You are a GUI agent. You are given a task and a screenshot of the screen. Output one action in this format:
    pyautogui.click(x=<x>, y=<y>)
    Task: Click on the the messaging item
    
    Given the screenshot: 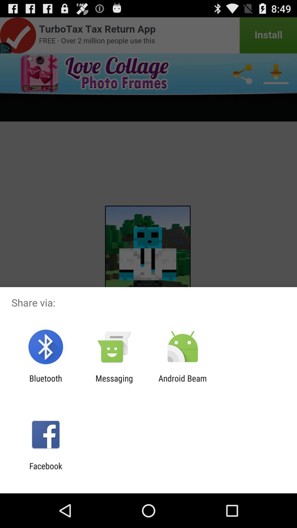 What is the action you would take?
    pyautogui.click(x=114, y=383)
    